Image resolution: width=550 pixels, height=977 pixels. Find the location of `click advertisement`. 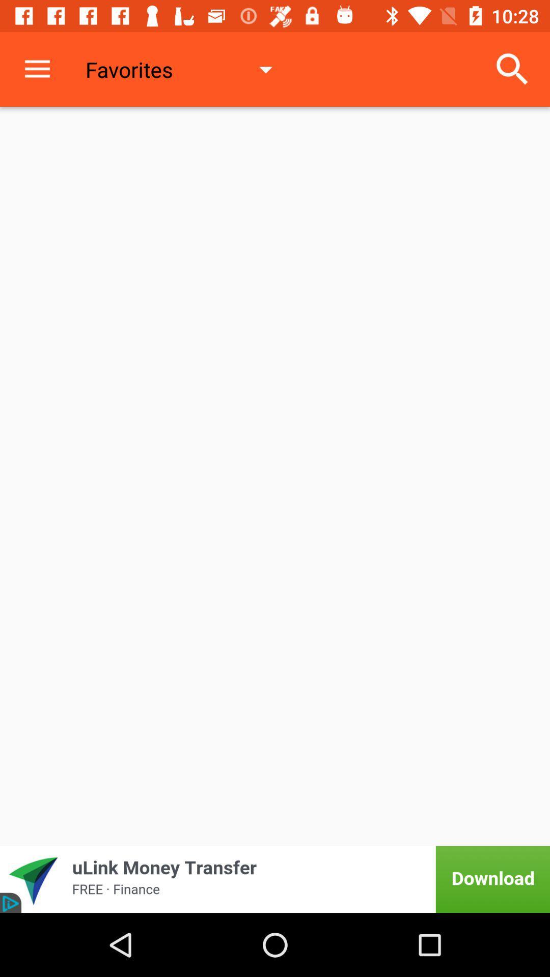

click advertisement is located at coordinates (275, 879).